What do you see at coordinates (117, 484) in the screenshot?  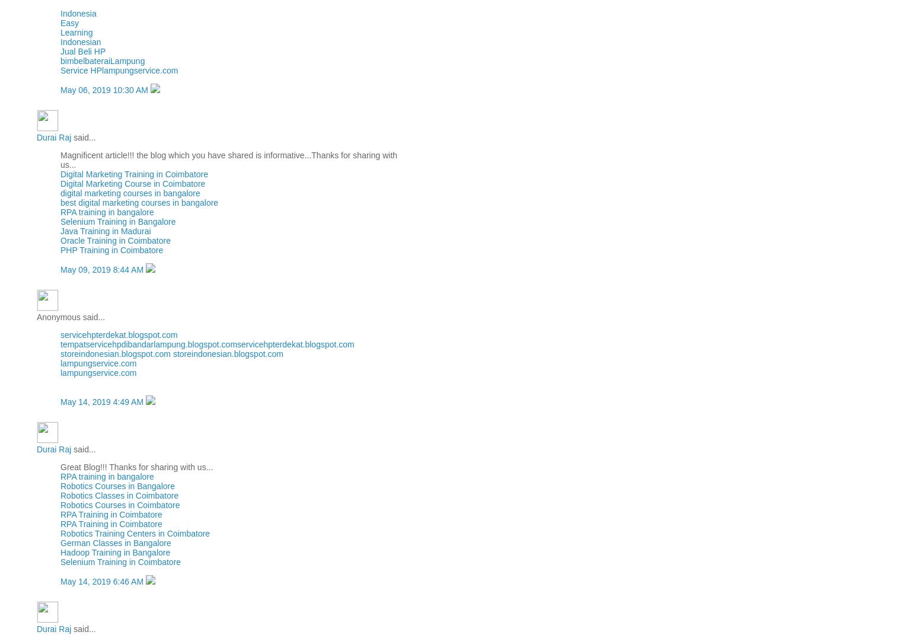 I see `'Robotics Courses in Bangalore'` at bounding box center [117, 484].